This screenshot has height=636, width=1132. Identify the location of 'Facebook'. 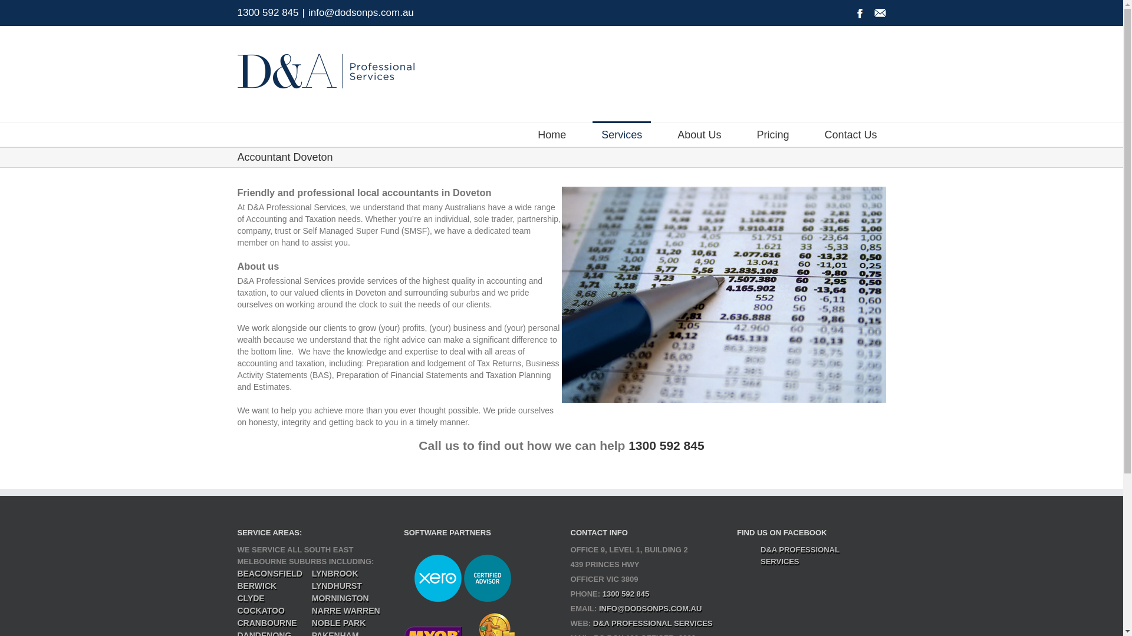
(860, 14).